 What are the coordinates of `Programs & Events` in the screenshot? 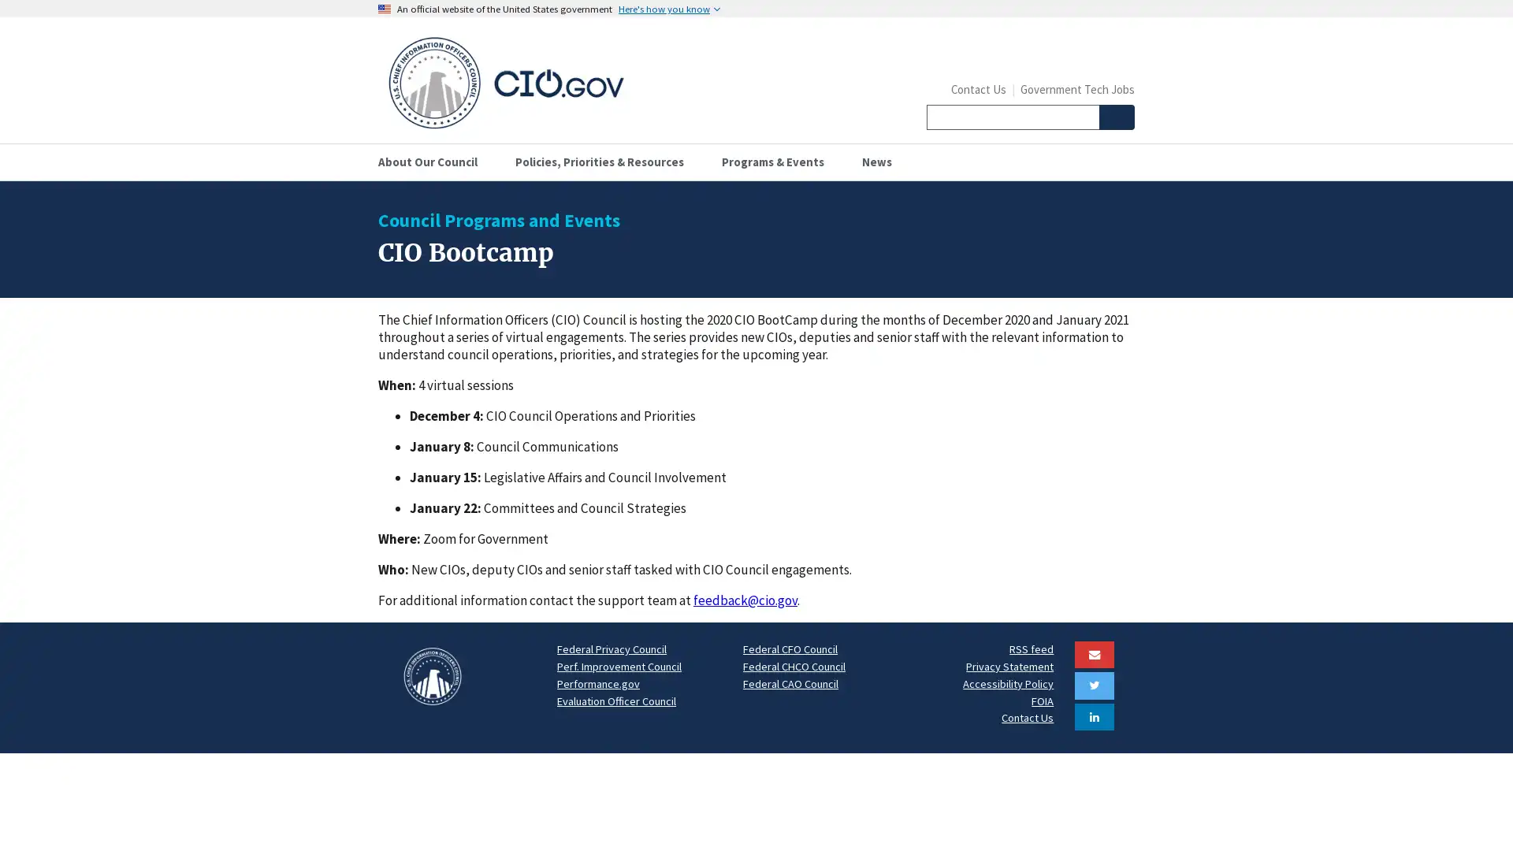 It's located at (779, 162).